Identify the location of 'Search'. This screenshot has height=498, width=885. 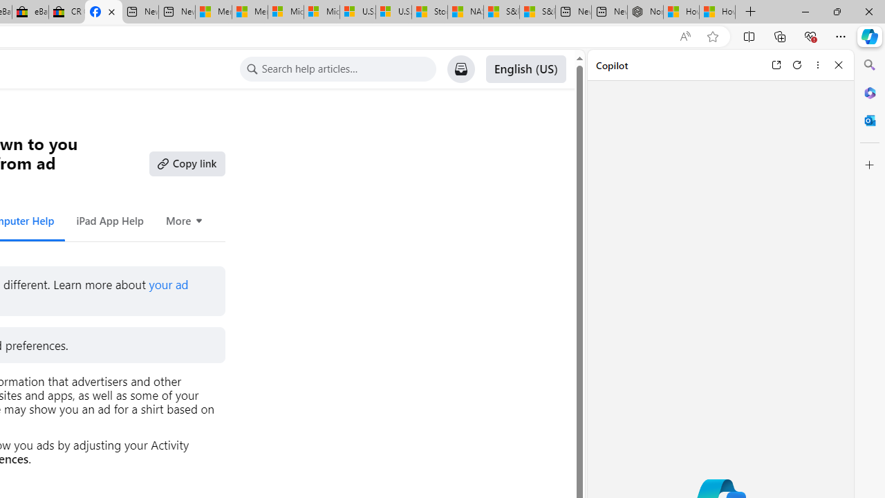
(869, 65).